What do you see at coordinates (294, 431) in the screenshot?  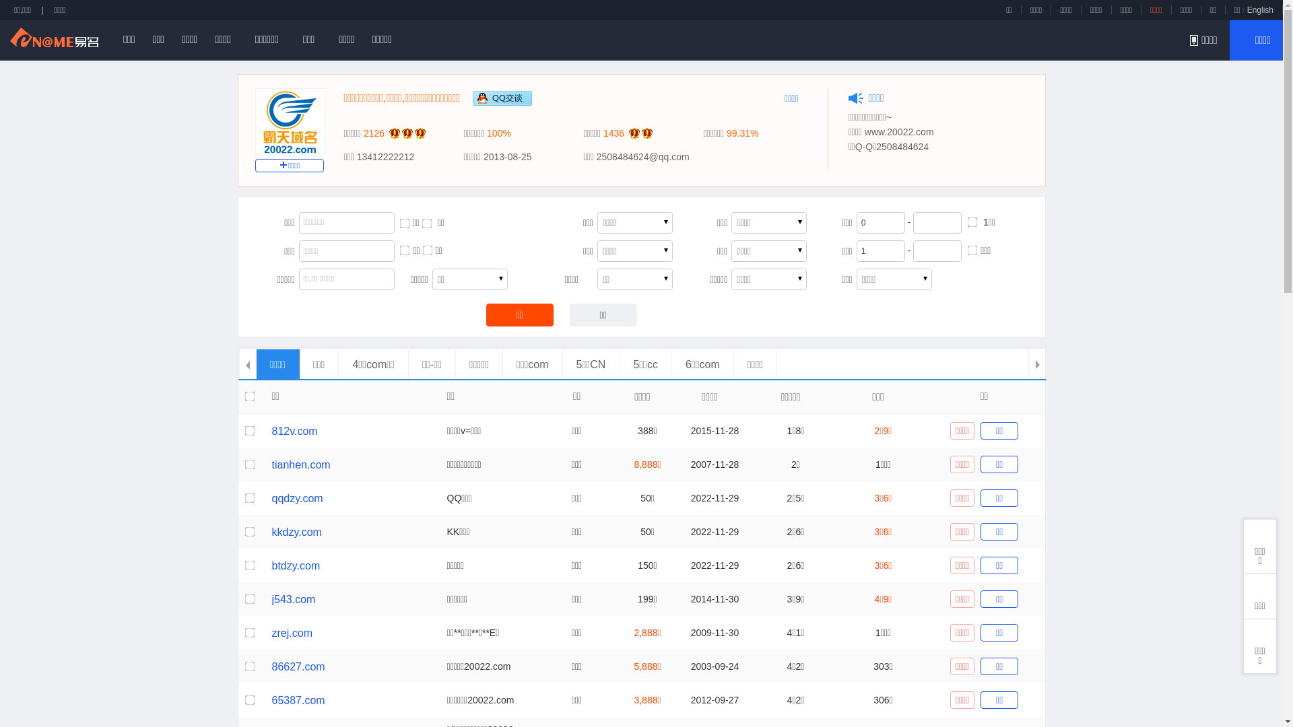 I see `'812v.com'` at bounding box center [294, 431].